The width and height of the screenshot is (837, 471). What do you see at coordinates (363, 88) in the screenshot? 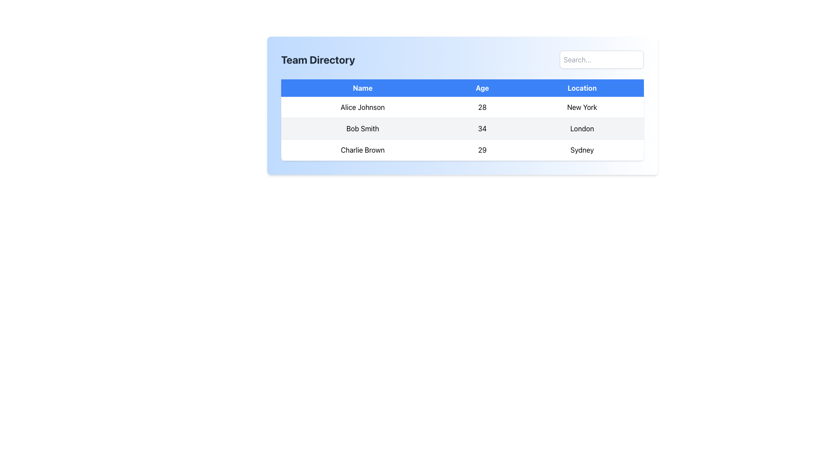
I see `text of the header label with blue background and white text that reads 'Name', located in the first column of the table header` at bounding box center [363, 88].